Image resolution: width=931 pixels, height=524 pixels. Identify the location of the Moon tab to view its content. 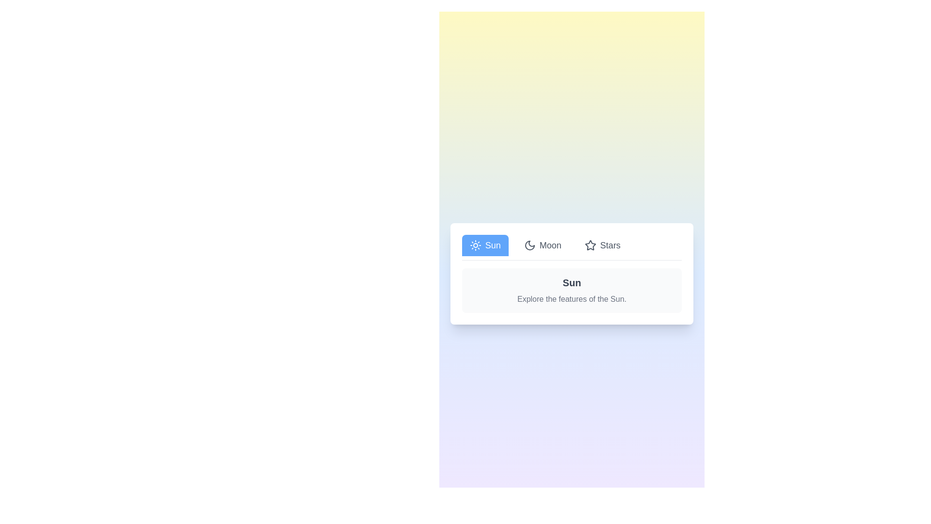
(542, 245).